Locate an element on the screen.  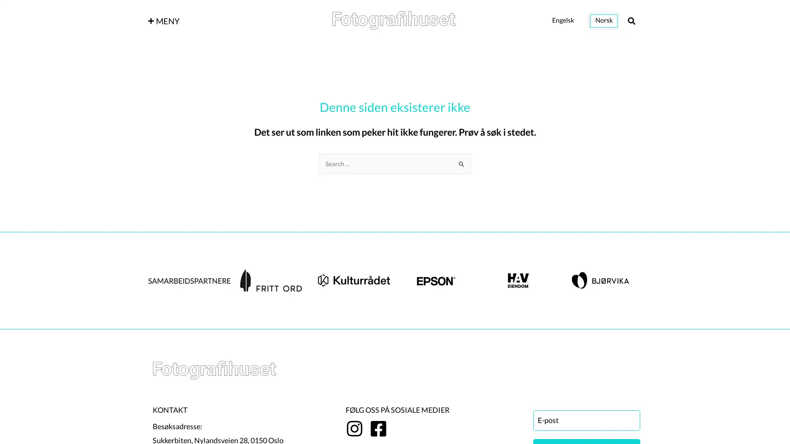
Sk is located at coordinates (462, 161).